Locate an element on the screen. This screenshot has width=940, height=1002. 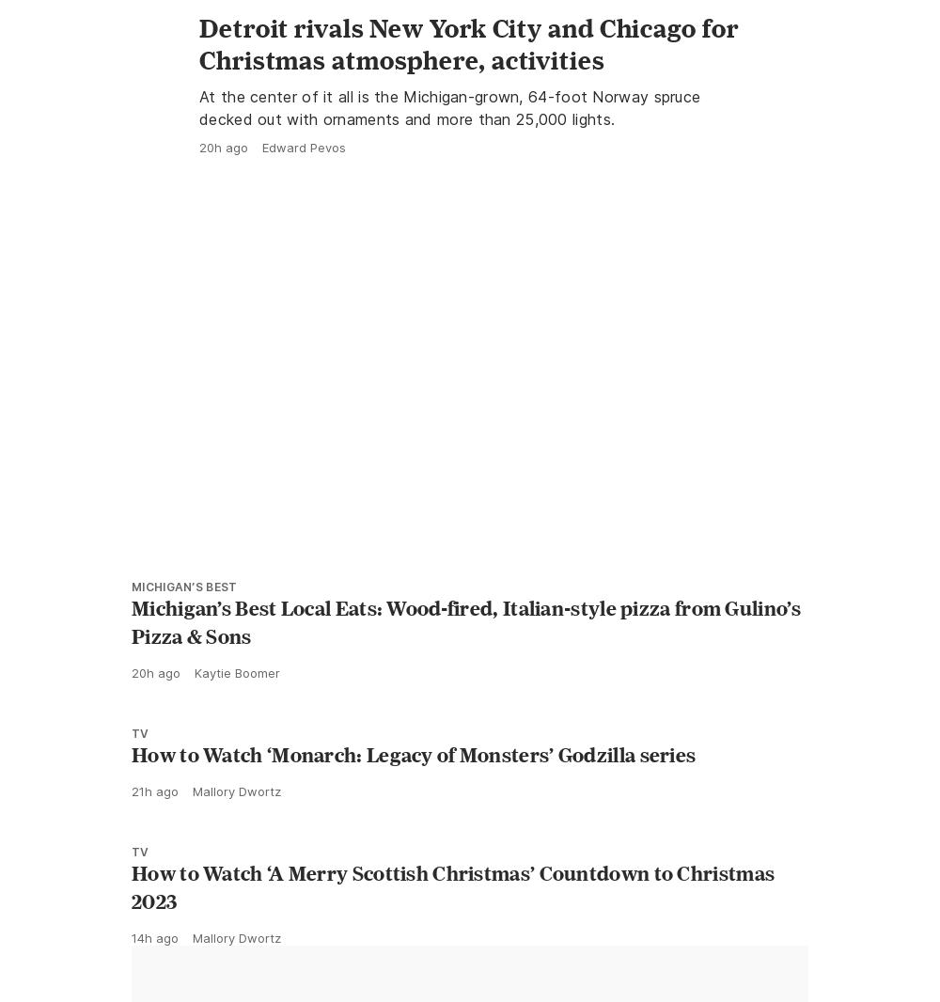
'Michigan’s Best' is located at coordinates (183, 669).